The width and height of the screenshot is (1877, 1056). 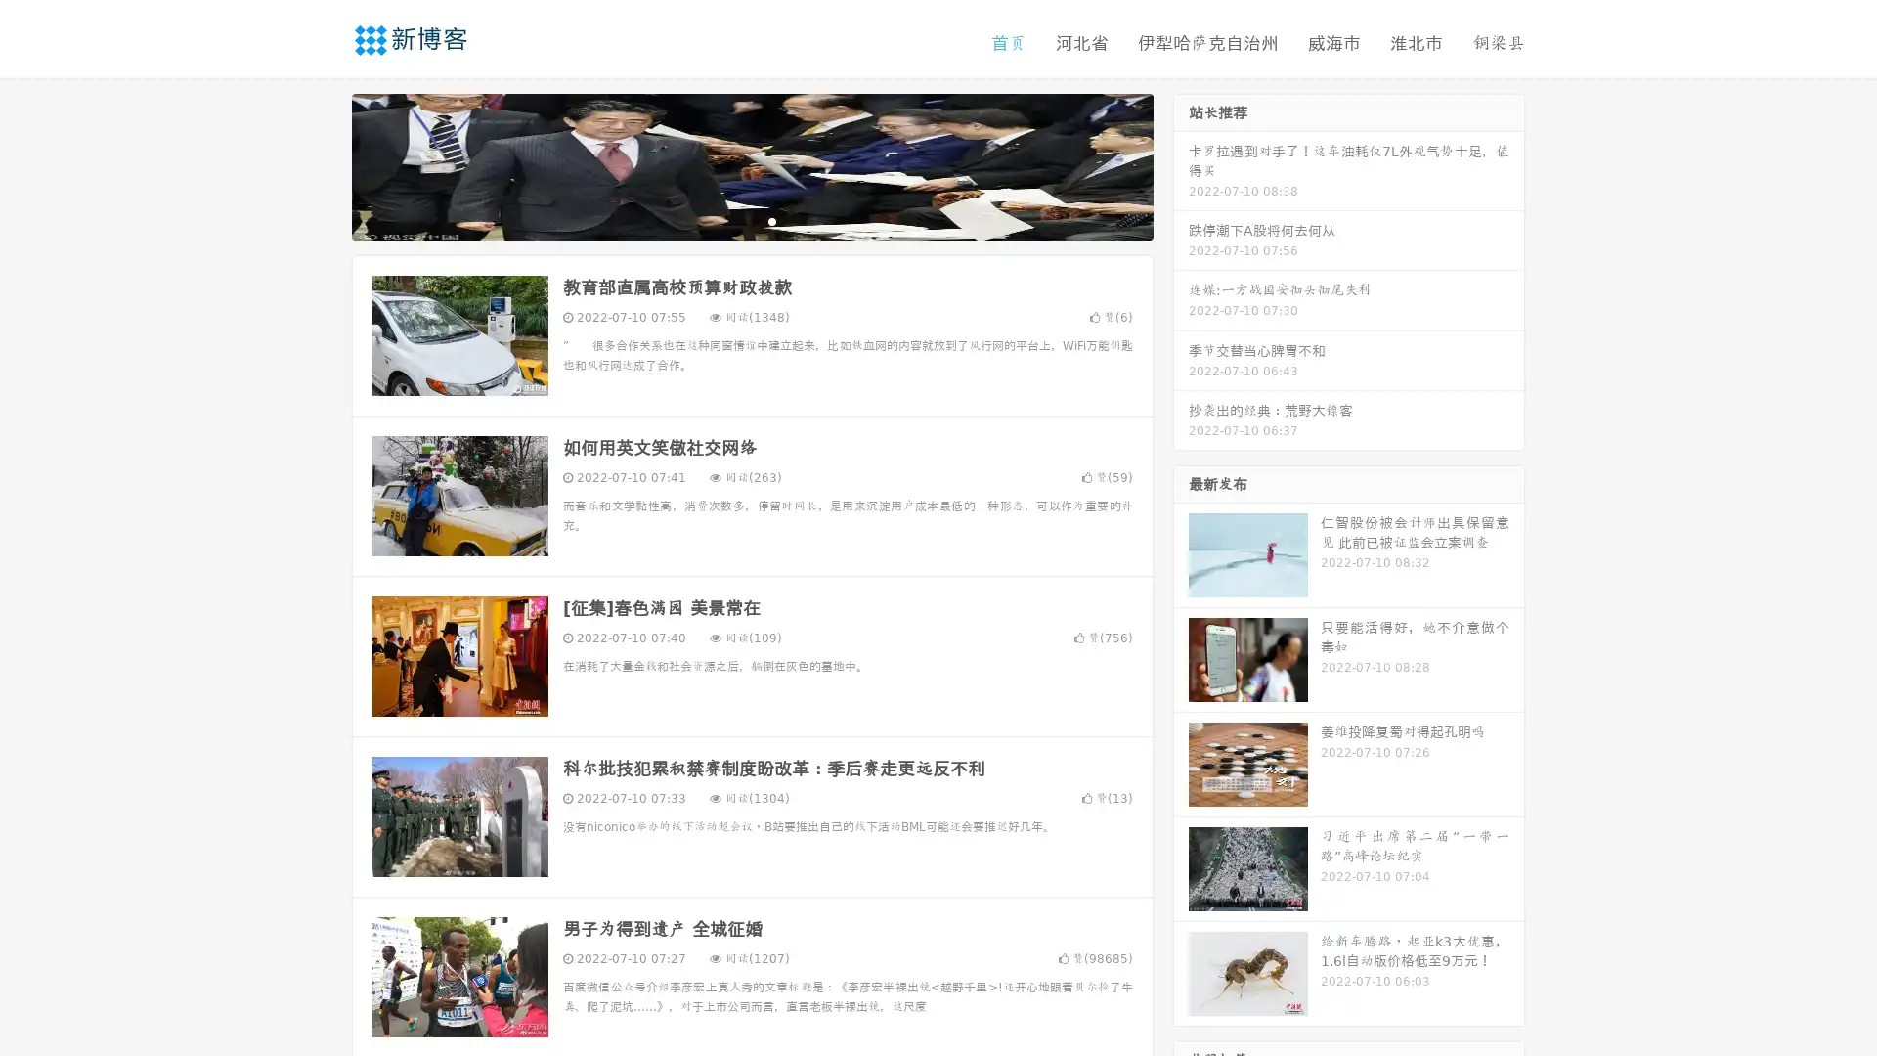 What do you see at coordinates (323, 164) in the screenshot?
I see `Previous slide` at bounding box center [323, 164].